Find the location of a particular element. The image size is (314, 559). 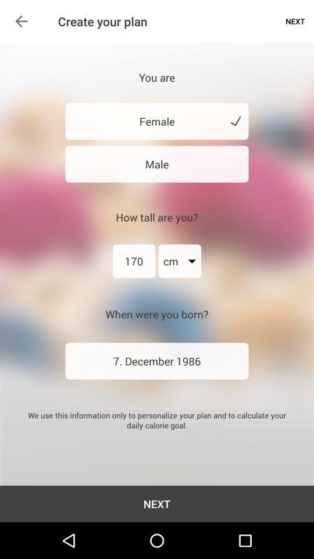

the item next to the cm item is located at coordinates (133, 261).